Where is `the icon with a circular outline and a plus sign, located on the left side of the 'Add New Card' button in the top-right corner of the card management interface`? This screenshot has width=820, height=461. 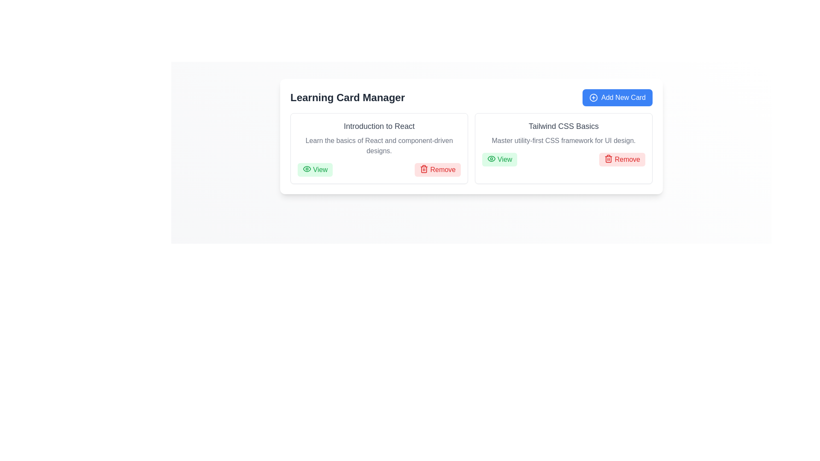
the icon with a circular outline and a plus sign, located on the left side of the 'Add New Card' button in the top-right corner of the card management interface is located at coordinates (593, 97).